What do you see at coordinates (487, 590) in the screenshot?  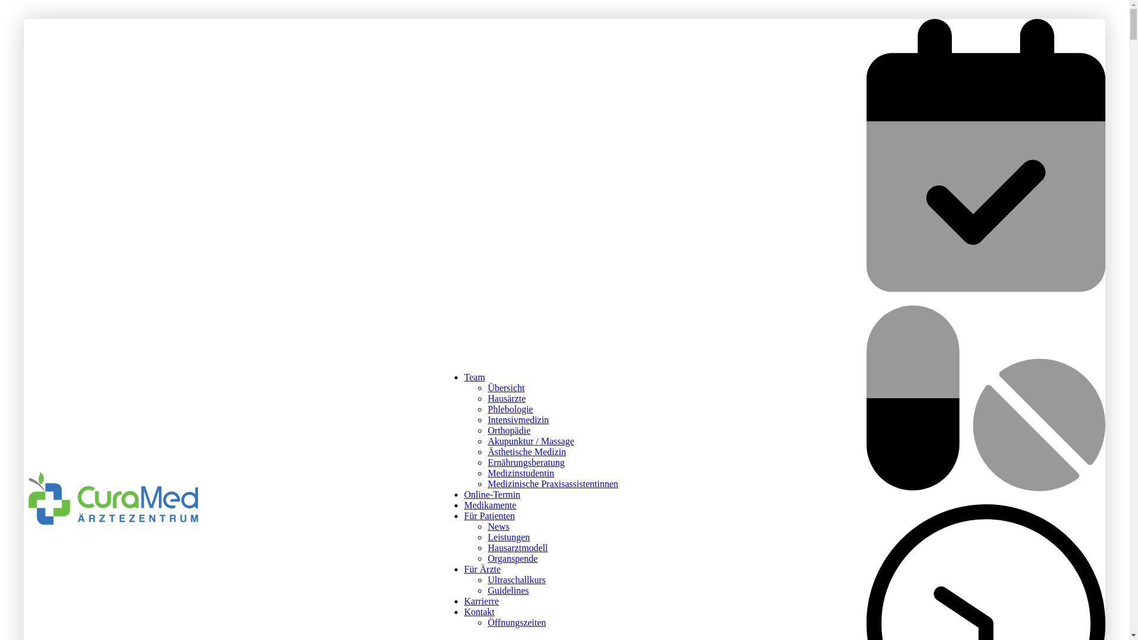 I see `'Guidelines'` at bounding box center [487, 590].